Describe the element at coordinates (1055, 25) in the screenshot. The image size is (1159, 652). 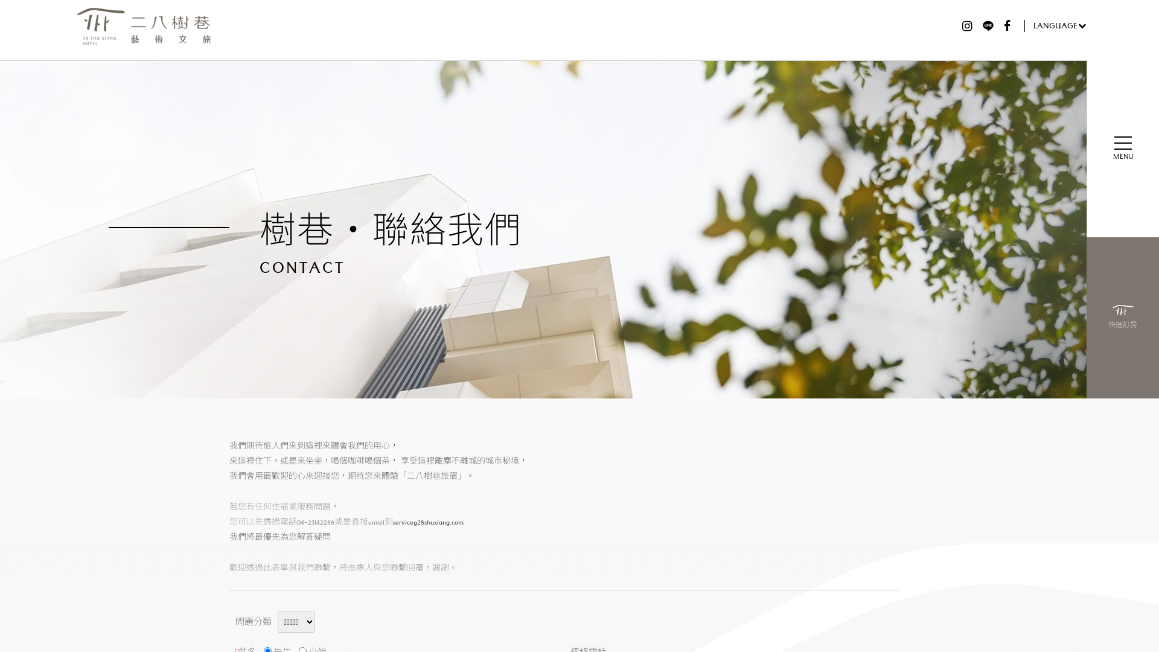
I see `'LANGUAGE'` at that location.